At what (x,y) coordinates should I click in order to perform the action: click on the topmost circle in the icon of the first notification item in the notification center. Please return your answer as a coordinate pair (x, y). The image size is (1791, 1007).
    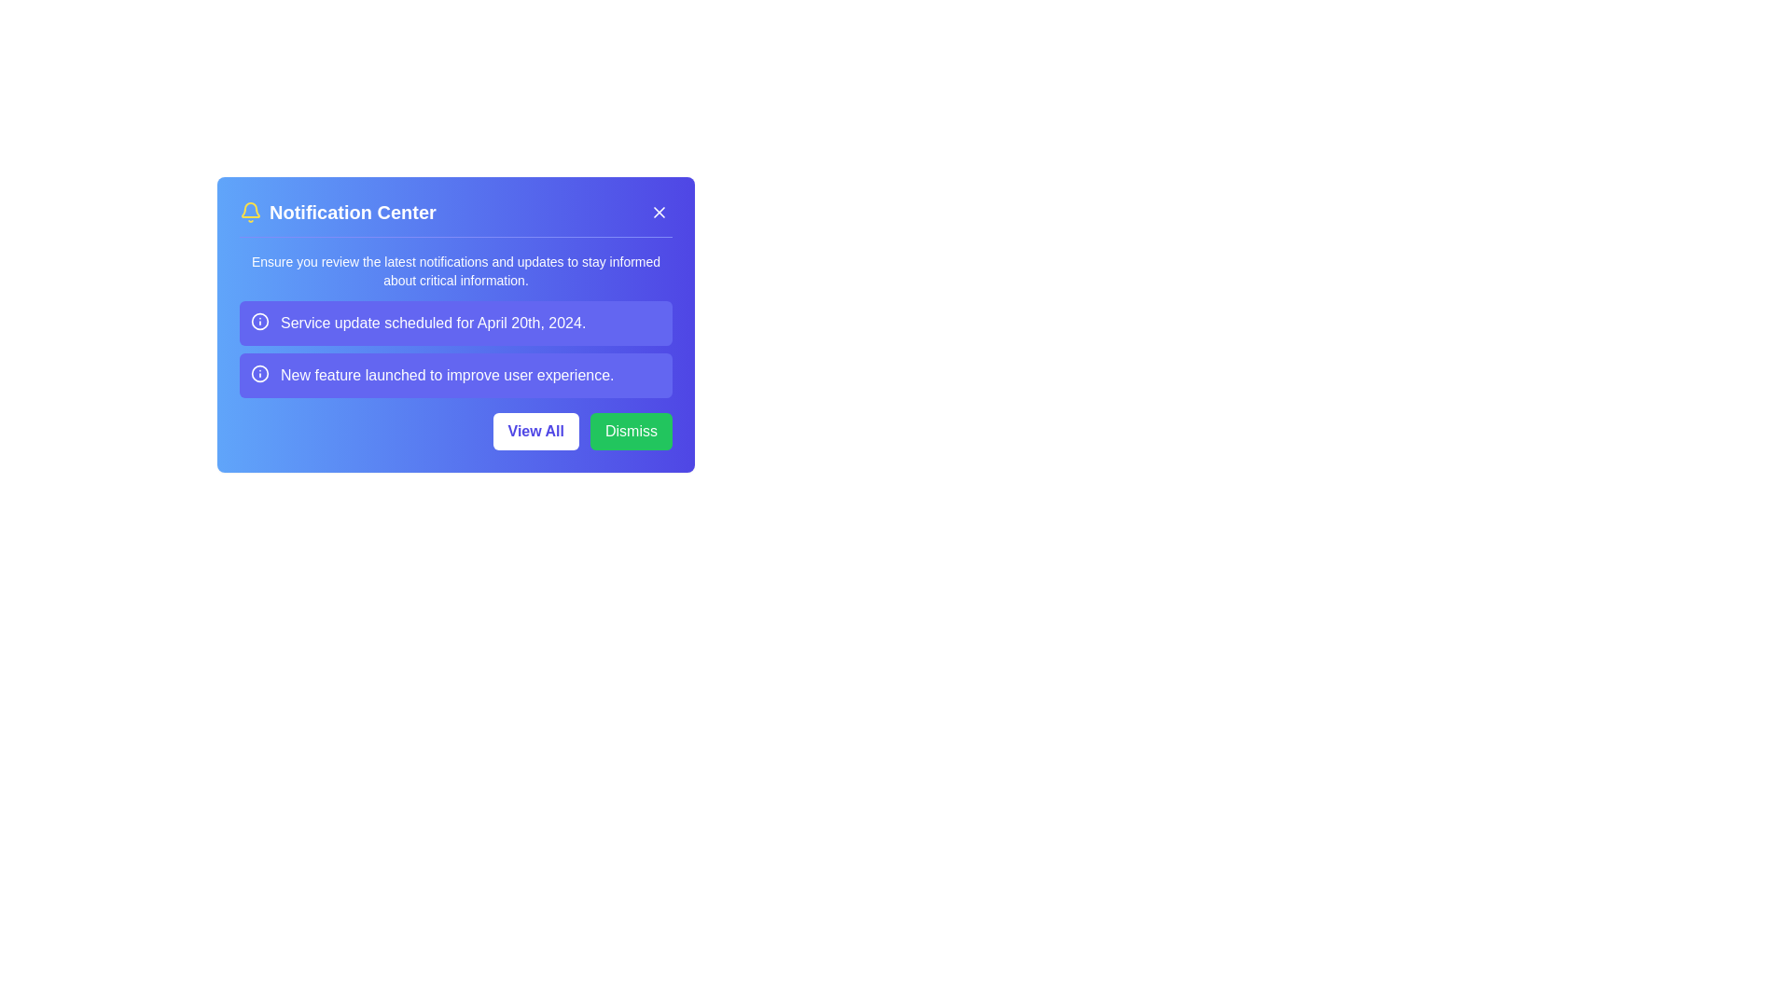
    Looking at the image, I should click on (258, 320).